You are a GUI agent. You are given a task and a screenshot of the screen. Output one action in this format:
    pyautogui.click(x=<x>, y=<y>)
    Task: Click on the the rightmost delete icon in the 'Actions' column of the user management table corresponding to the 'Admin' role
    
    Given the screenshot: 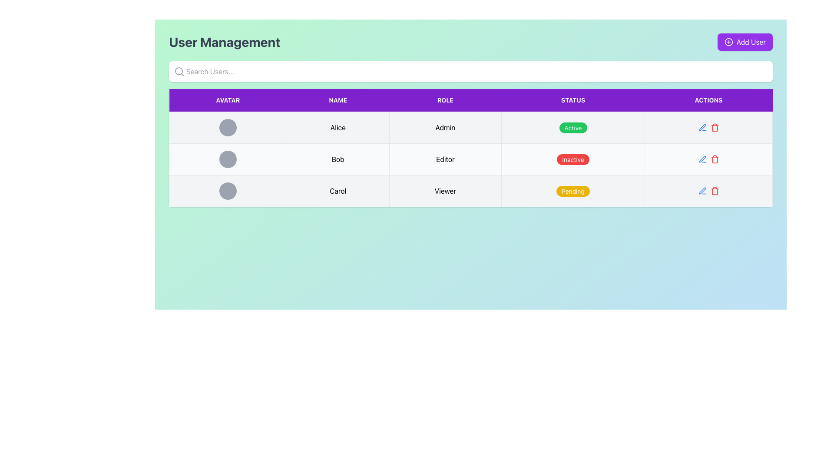 What is the action you would take?
    pyautogui.click(x=715, y=127)
    